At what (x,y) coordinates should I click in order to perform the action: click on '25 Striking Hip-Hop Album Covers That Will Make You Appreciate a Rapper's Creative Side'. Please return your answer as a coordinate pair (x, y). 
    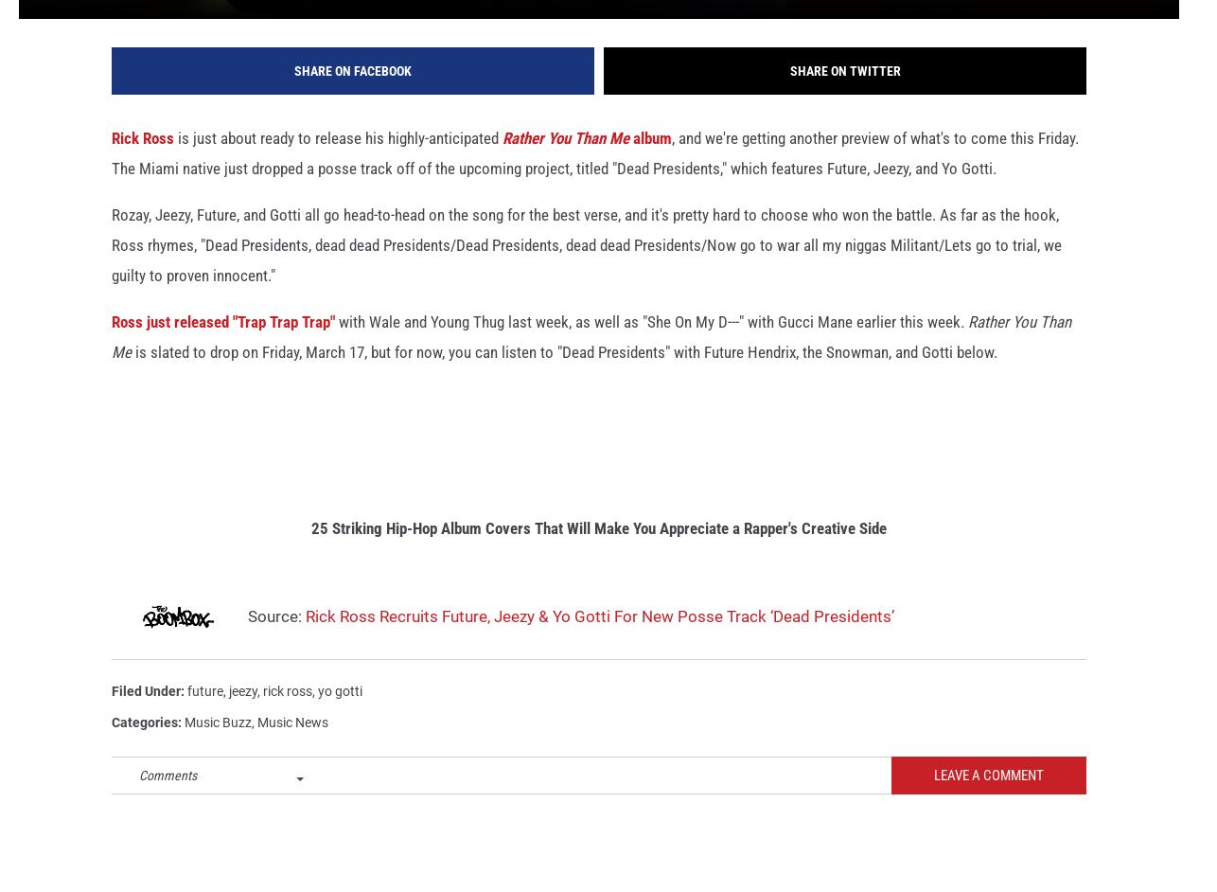
    Looking at the image, I should click on (597, 553).